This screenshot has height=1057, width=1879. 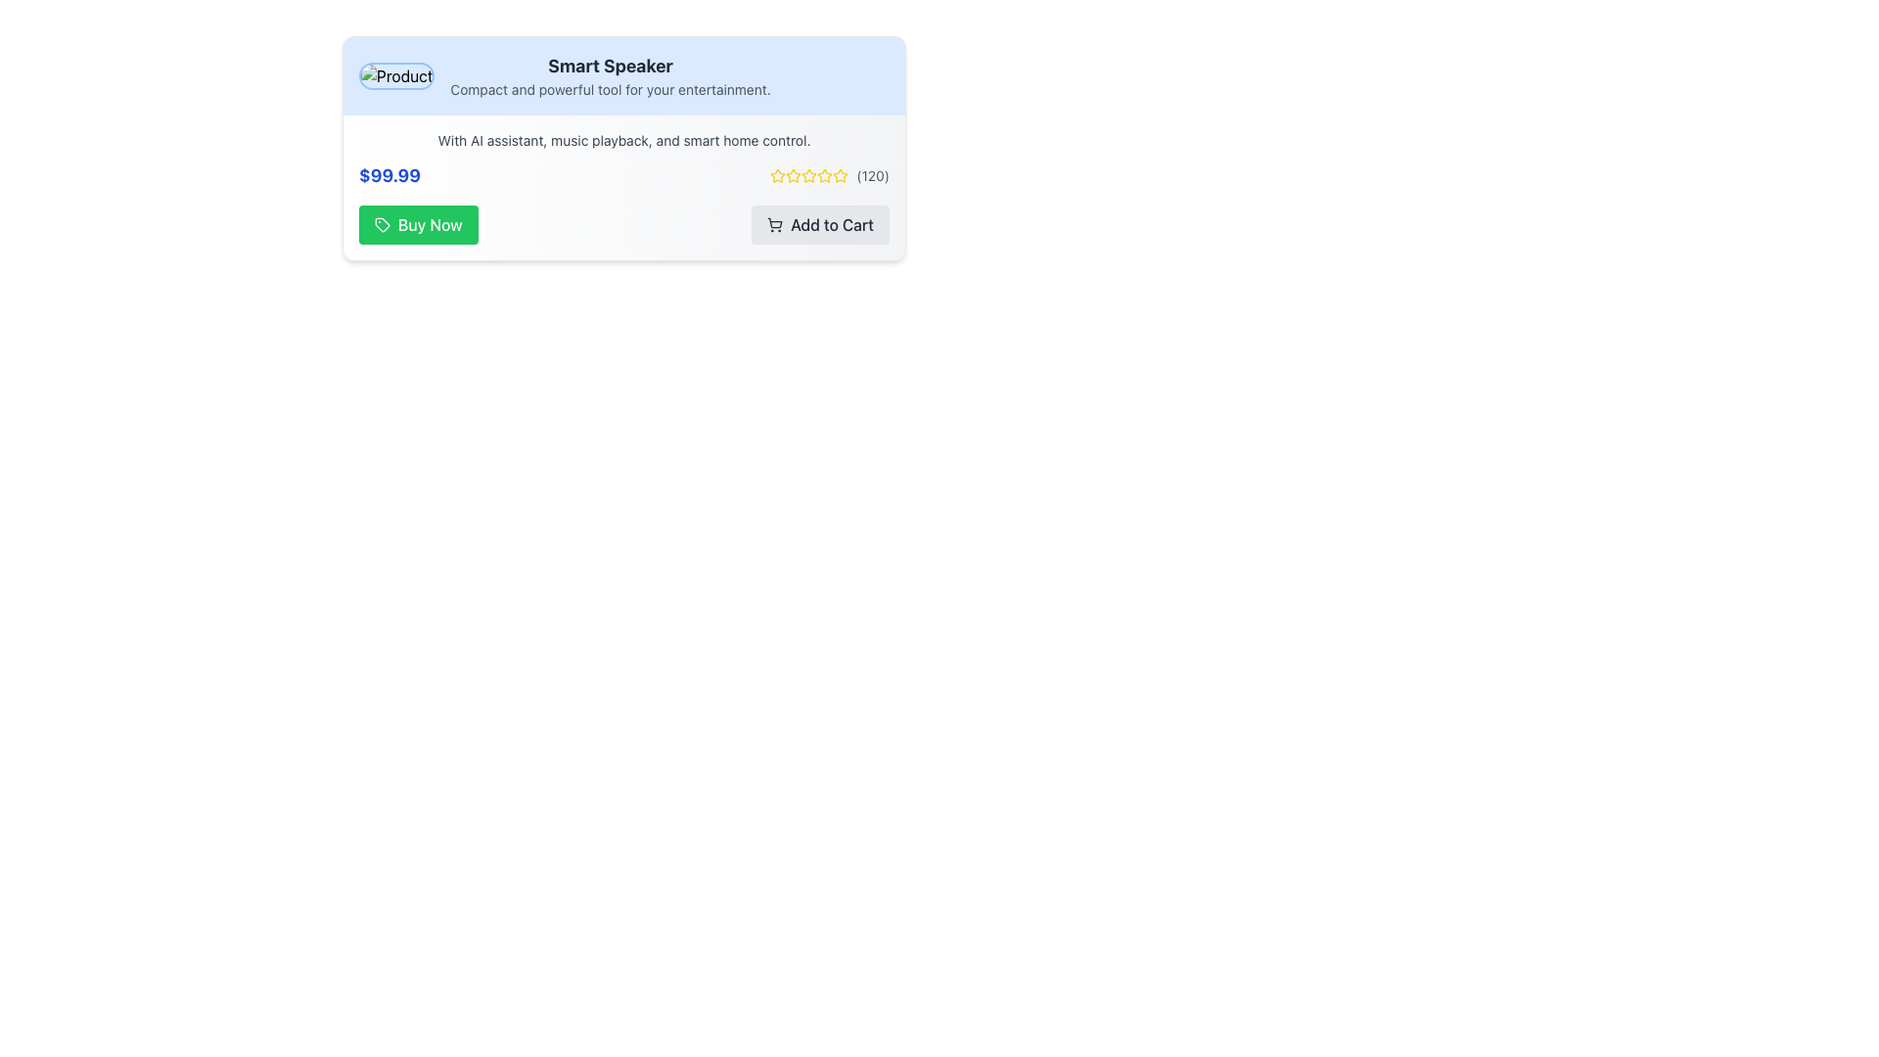 I want to click on the shopping cart icon located within the 'Add to Cart' button at the bottom-right side of the layout, so click(x=774, y=224).